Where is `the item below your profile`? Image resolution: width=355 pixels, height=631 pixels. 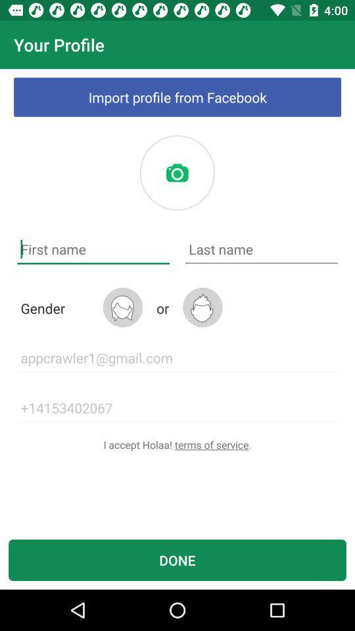 the item below your profile is located at coordinates (177, 96).